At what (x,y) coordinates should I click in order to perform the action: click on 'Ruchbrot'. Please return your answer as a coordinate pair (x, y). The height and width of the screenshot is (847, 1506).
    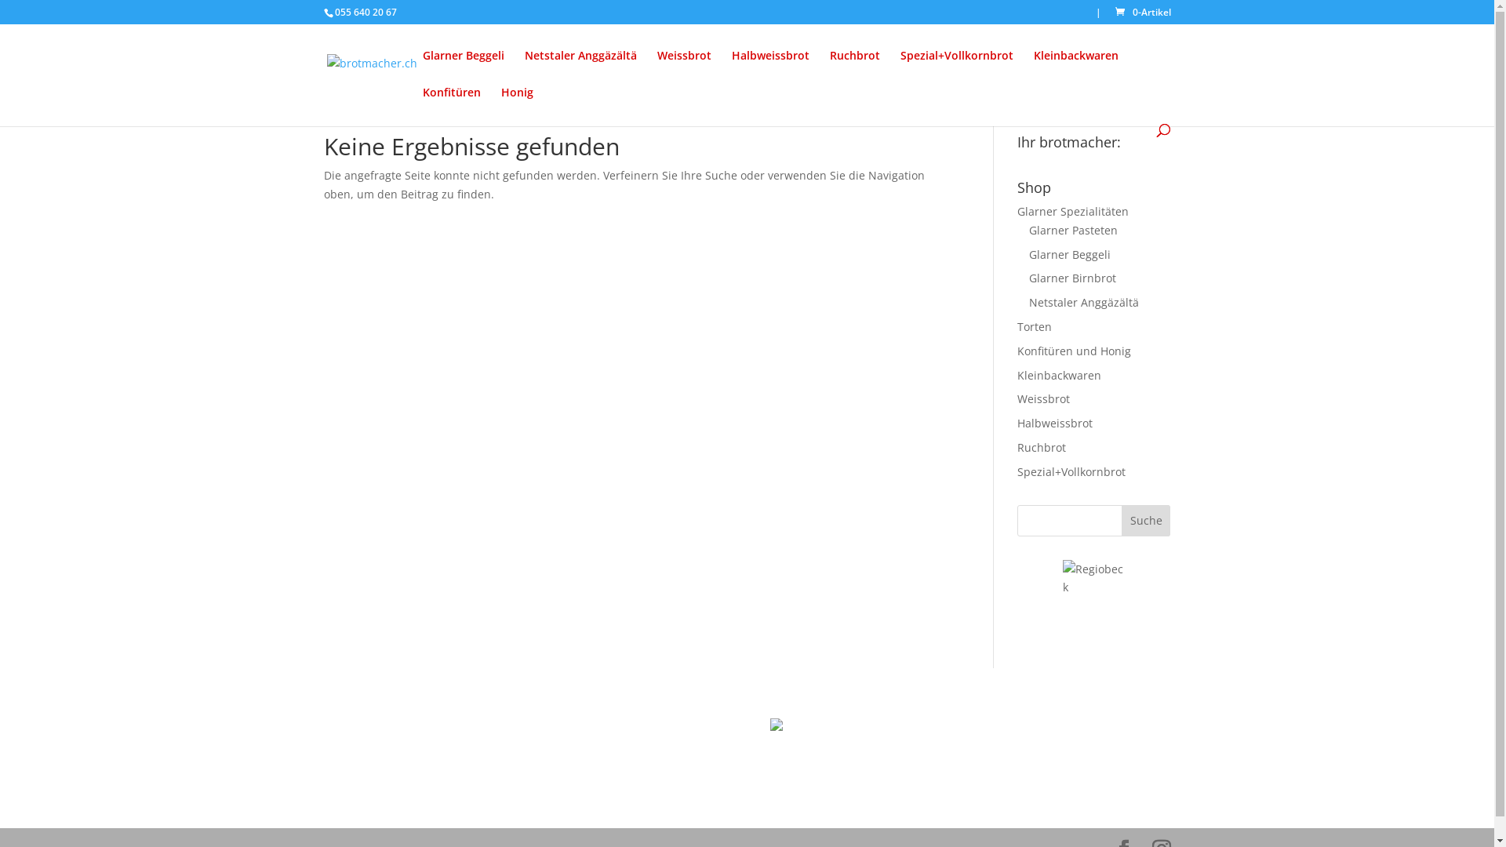
    Looking at the image, I should click on (853, 67).